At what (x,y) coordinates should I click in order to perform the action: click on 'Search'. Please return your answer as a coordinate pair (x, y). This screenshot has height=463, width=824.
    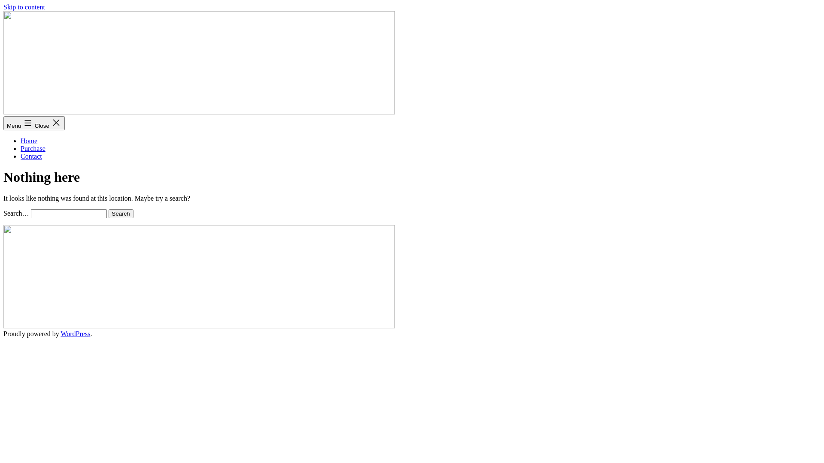
    Looking at the image, I should click on (121, 213).